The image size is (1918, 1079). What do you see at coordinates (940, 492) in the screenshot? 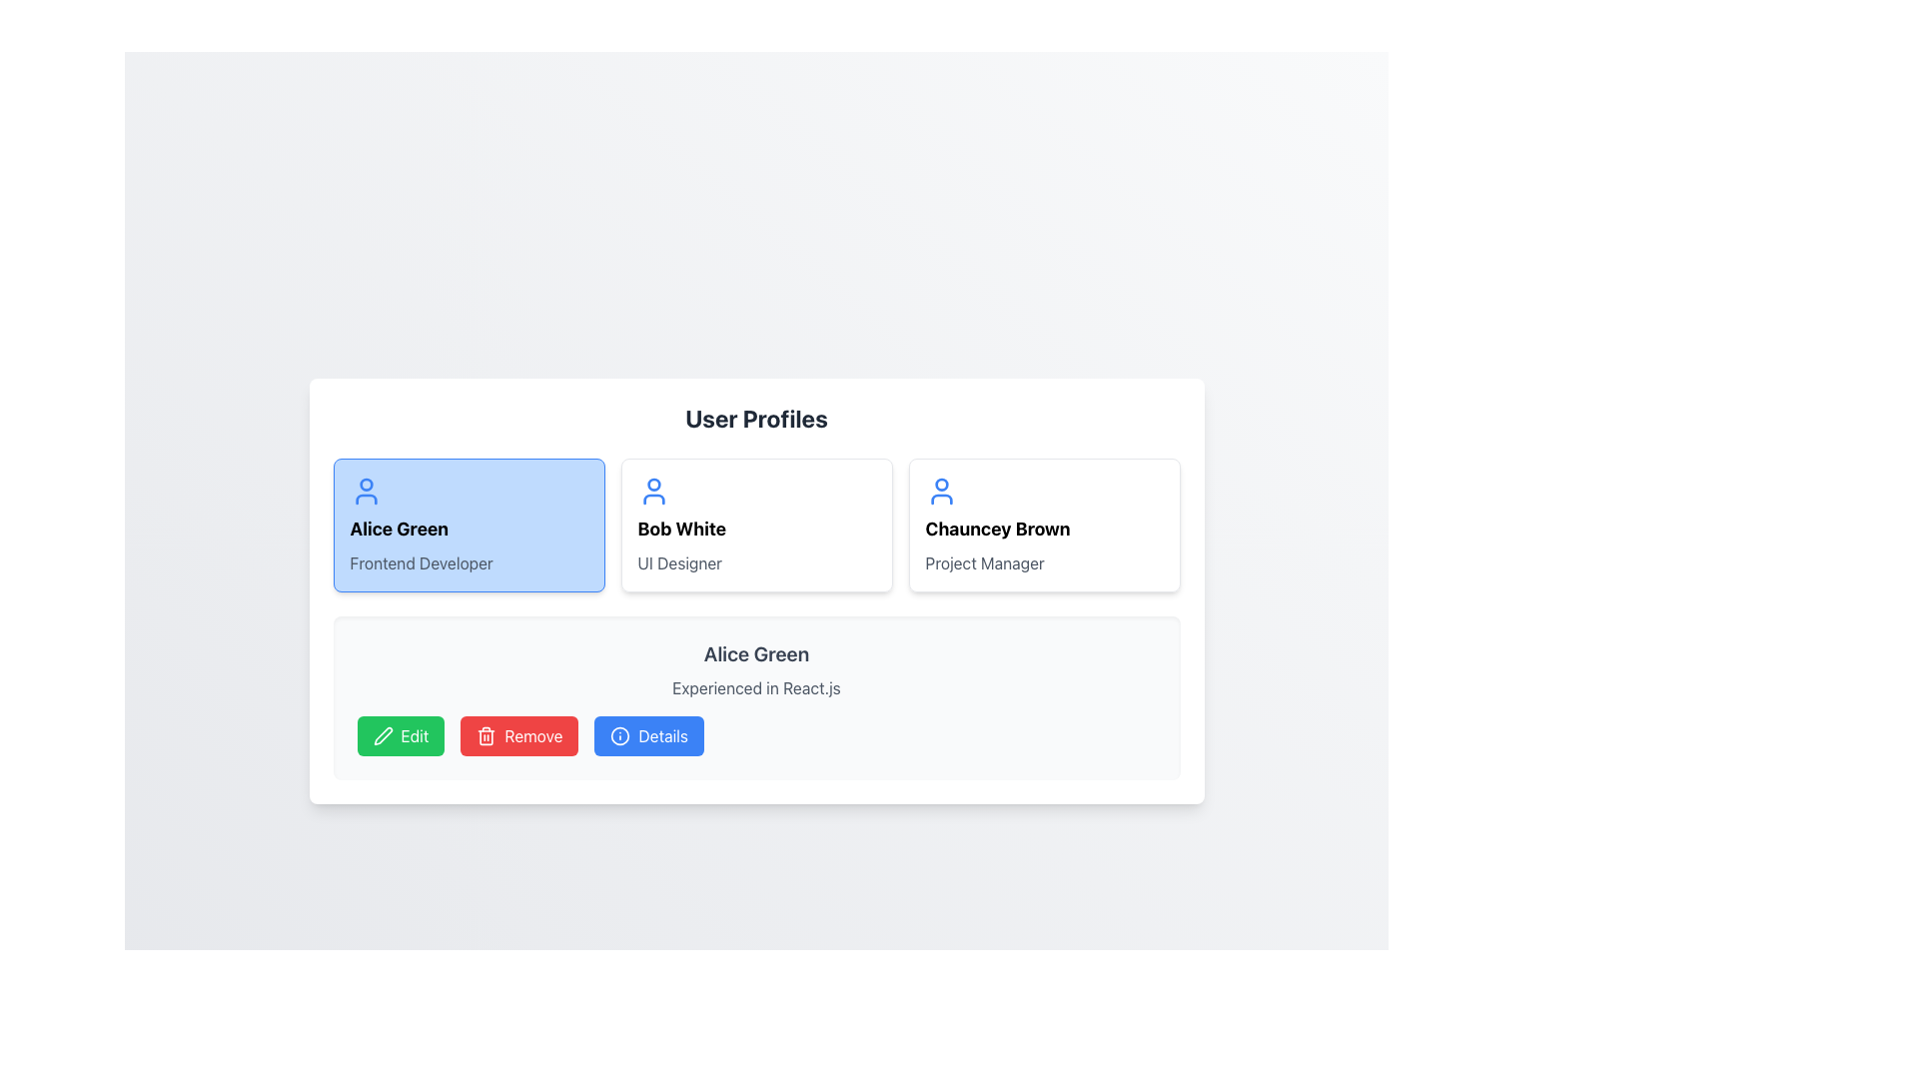
I see `the user profile icon for Chauncey Brown, which is a blue circular icon with a stroke-based outline located at the top left corner of the card labeled 'Chauncey Brown, Project Manager.'` at bounding box center [940, 492].